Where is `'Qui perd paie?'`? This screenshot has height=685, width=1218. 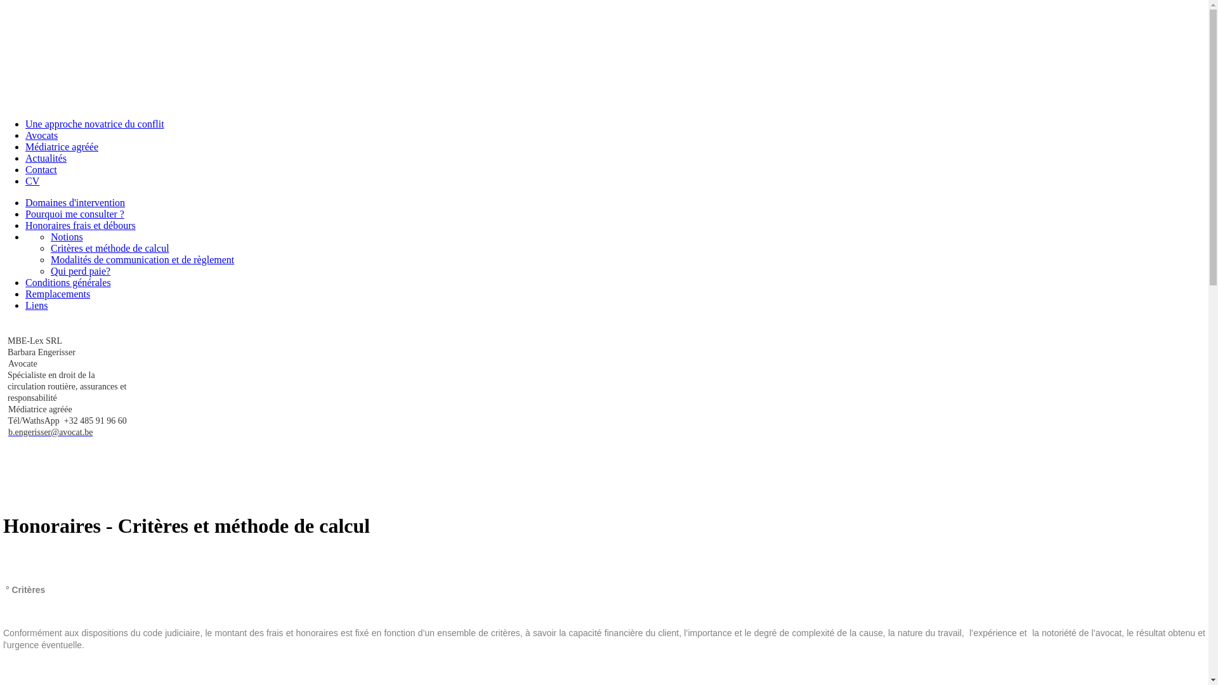 'Qui perd paie?' is located at coordinates (79, 270).